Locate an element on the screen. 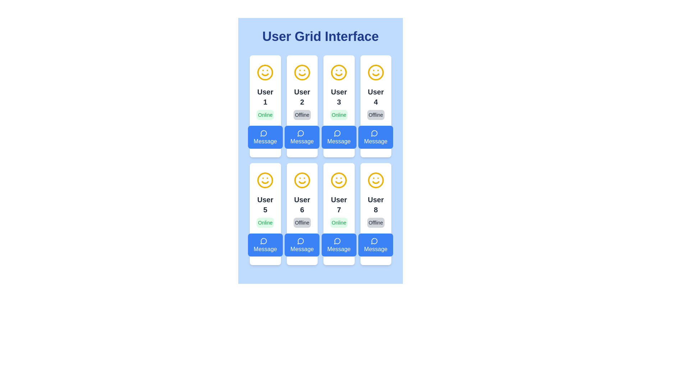 The height and width of the screenshot is (388, 690). the text label displaying 'User 7', which is located above the 'Online' status indicator and below the user's icon is located at coordinates (339, 205).